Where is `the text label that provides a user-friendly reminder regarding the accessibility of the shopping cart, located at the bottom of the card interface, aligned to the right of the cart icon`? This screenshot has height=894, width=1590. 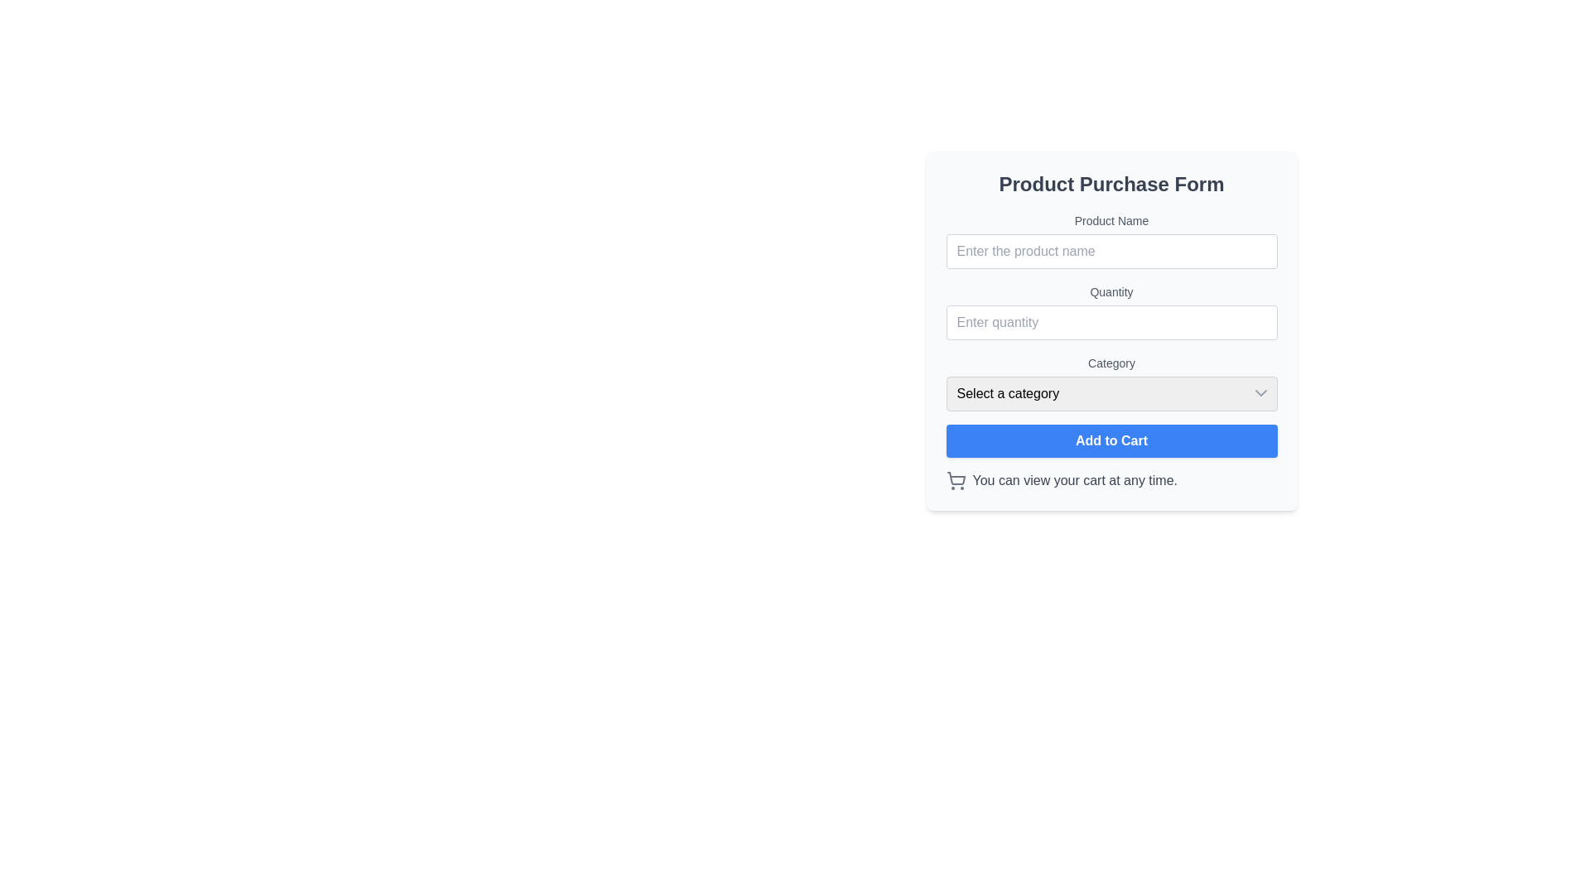
the text label that provides a user-friendly reminder regarding the accessibility of the shopping cart, located at the bottom of the card interface, aligned to the right of the cart icon is located at coordinates (1075, 481).